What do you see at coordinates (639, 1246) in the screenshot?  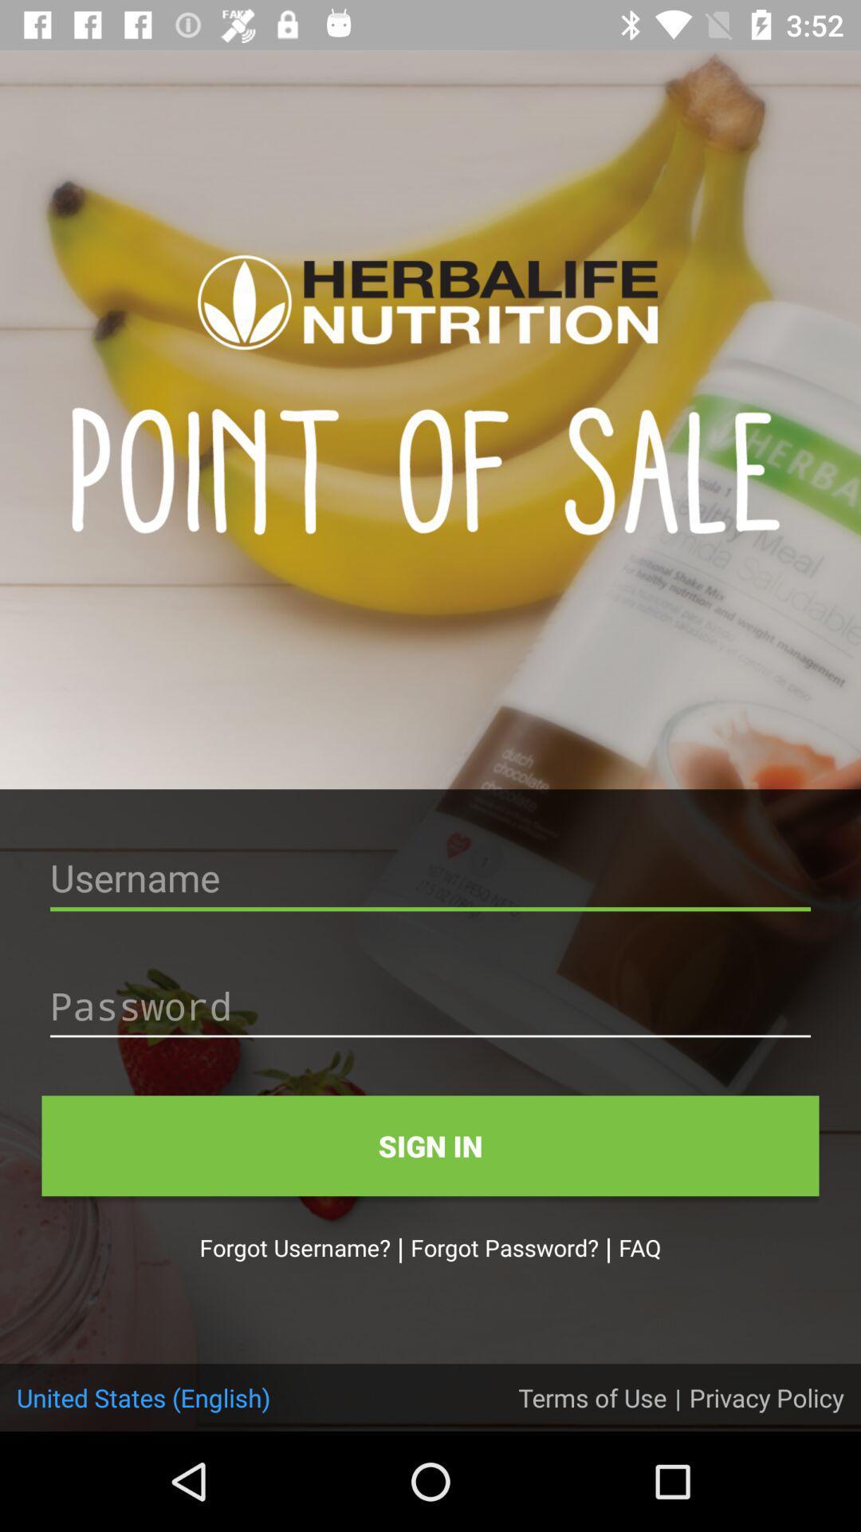 I see `the icon to the right of | icon` at bounding box center [639, 1246].